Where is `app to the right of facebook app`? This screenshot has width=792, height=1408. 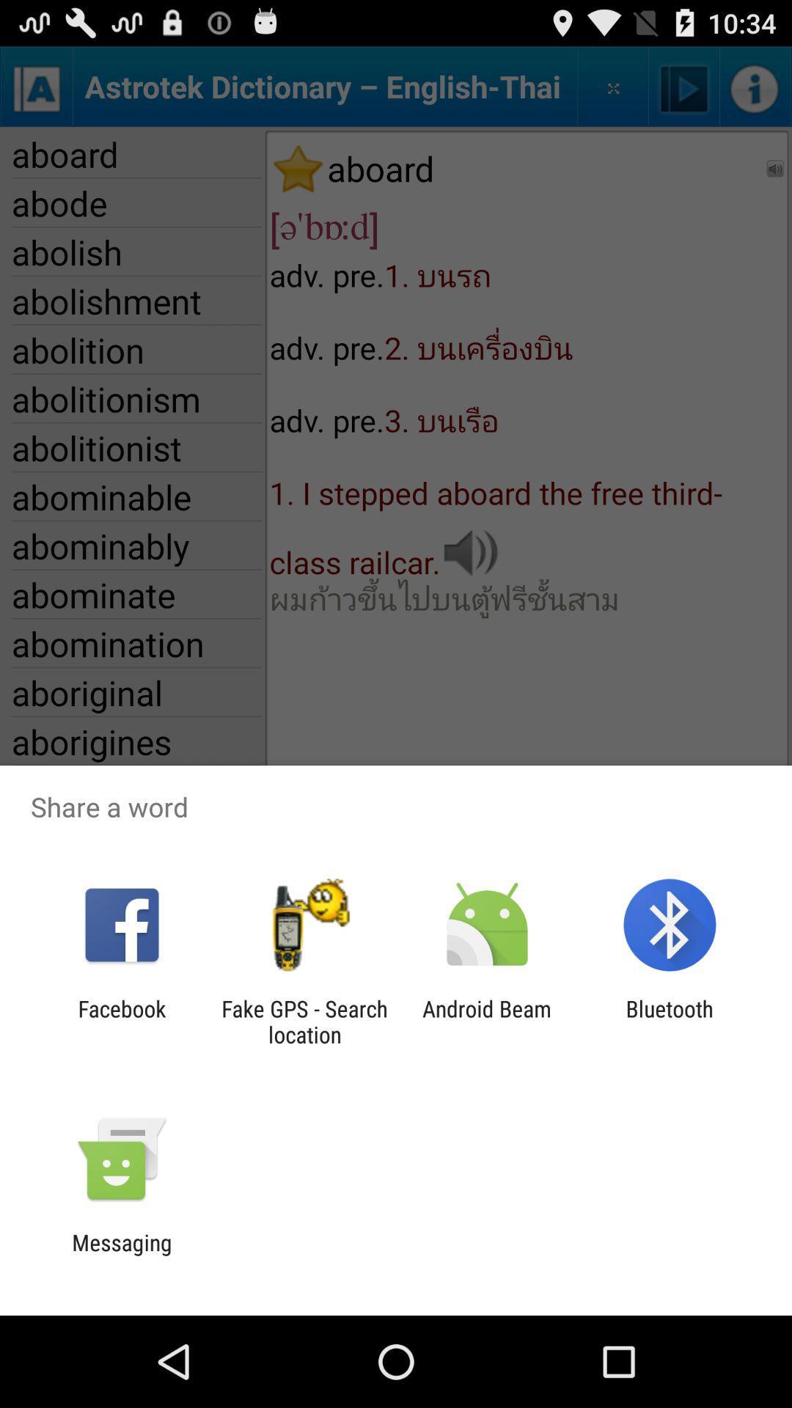 app to the right of facebook app is located at coordinates (304, 1021).